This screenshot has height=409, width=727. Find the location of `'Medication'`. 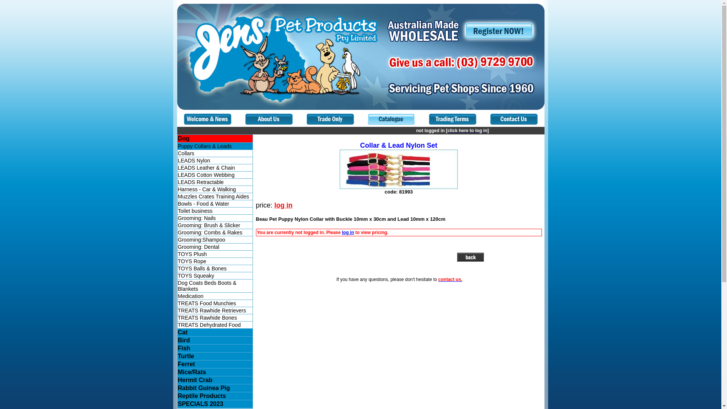

'Medication' is located at coordinates (191, 296).